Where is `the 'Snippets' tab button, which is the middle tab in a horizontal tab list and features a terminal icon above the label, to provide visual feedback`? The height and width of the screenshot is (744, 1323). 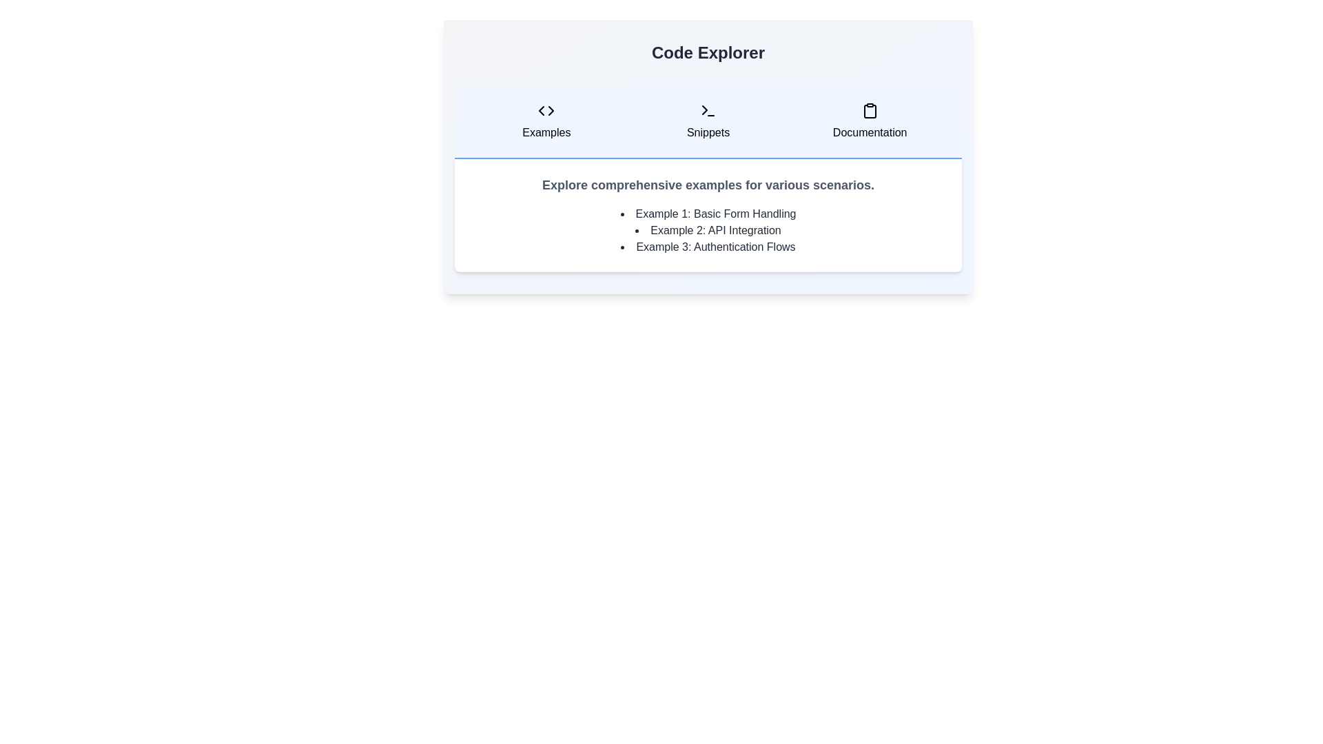
the 'Snippets' tab button, which is the middle tab in a horizontal tab list and features a terminal icon above the label, to provide visual feedback is located at coordinates (708, 121).